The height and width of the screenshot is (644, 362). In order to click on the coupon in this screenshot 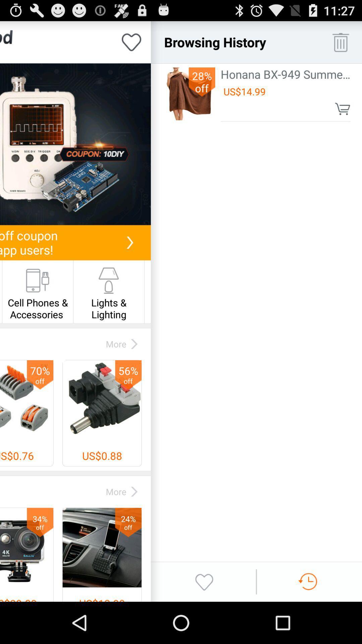, I will do `click(75, 144)`.